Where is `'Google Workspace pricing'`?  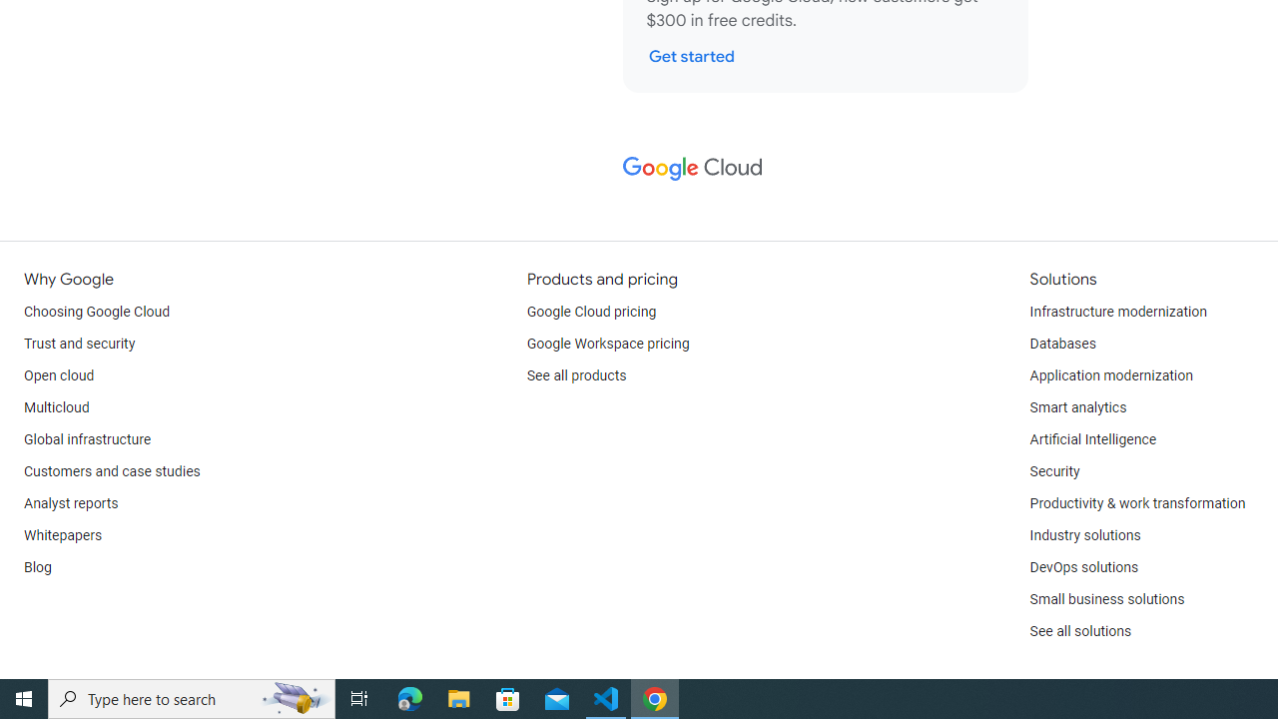
'Google Workspace pricing' is located at coordinates (607, 343).